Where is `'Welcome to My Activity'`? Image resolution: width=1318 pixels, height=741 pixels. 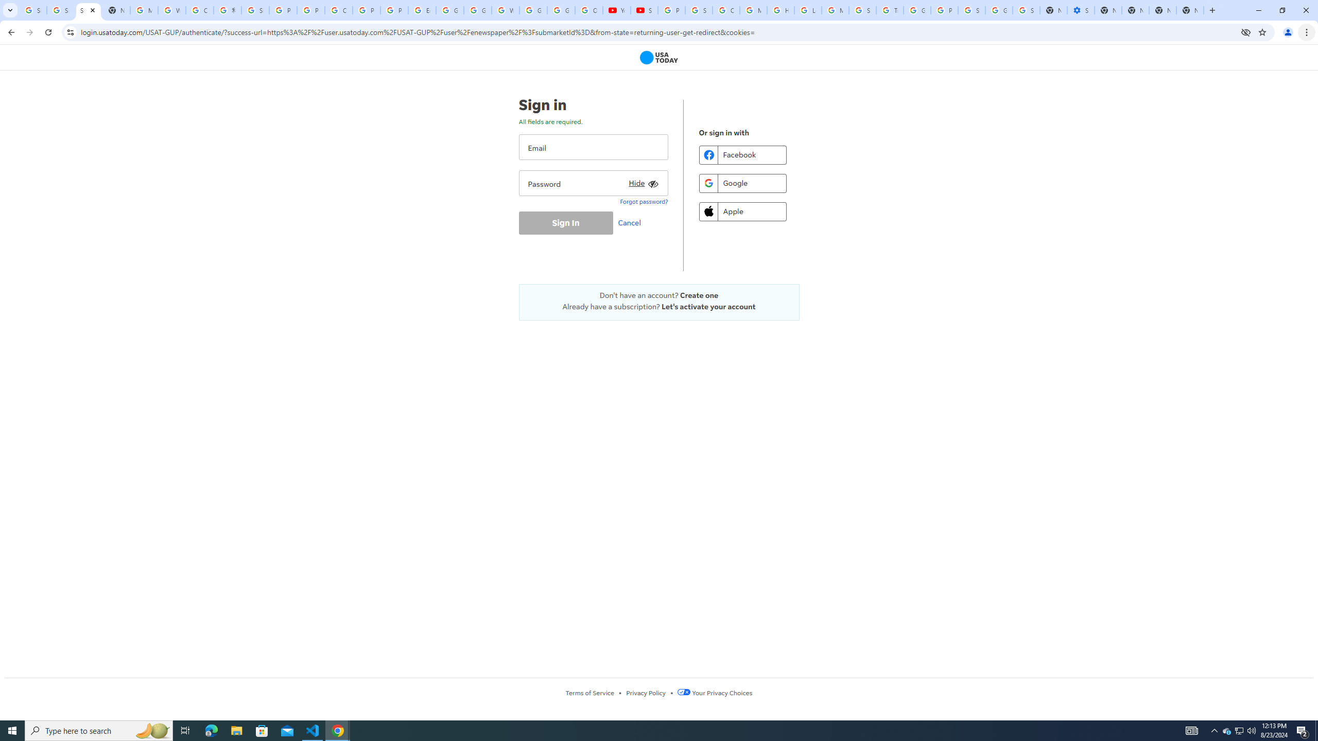
'Welcome to My Activity' is located at coordinates (506, 10).